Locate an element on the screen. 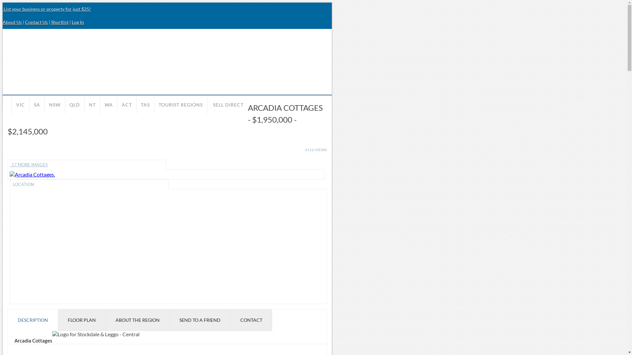 This screenshot has width=632, height=355. 'NSW' is located at coordinates (44, 104).